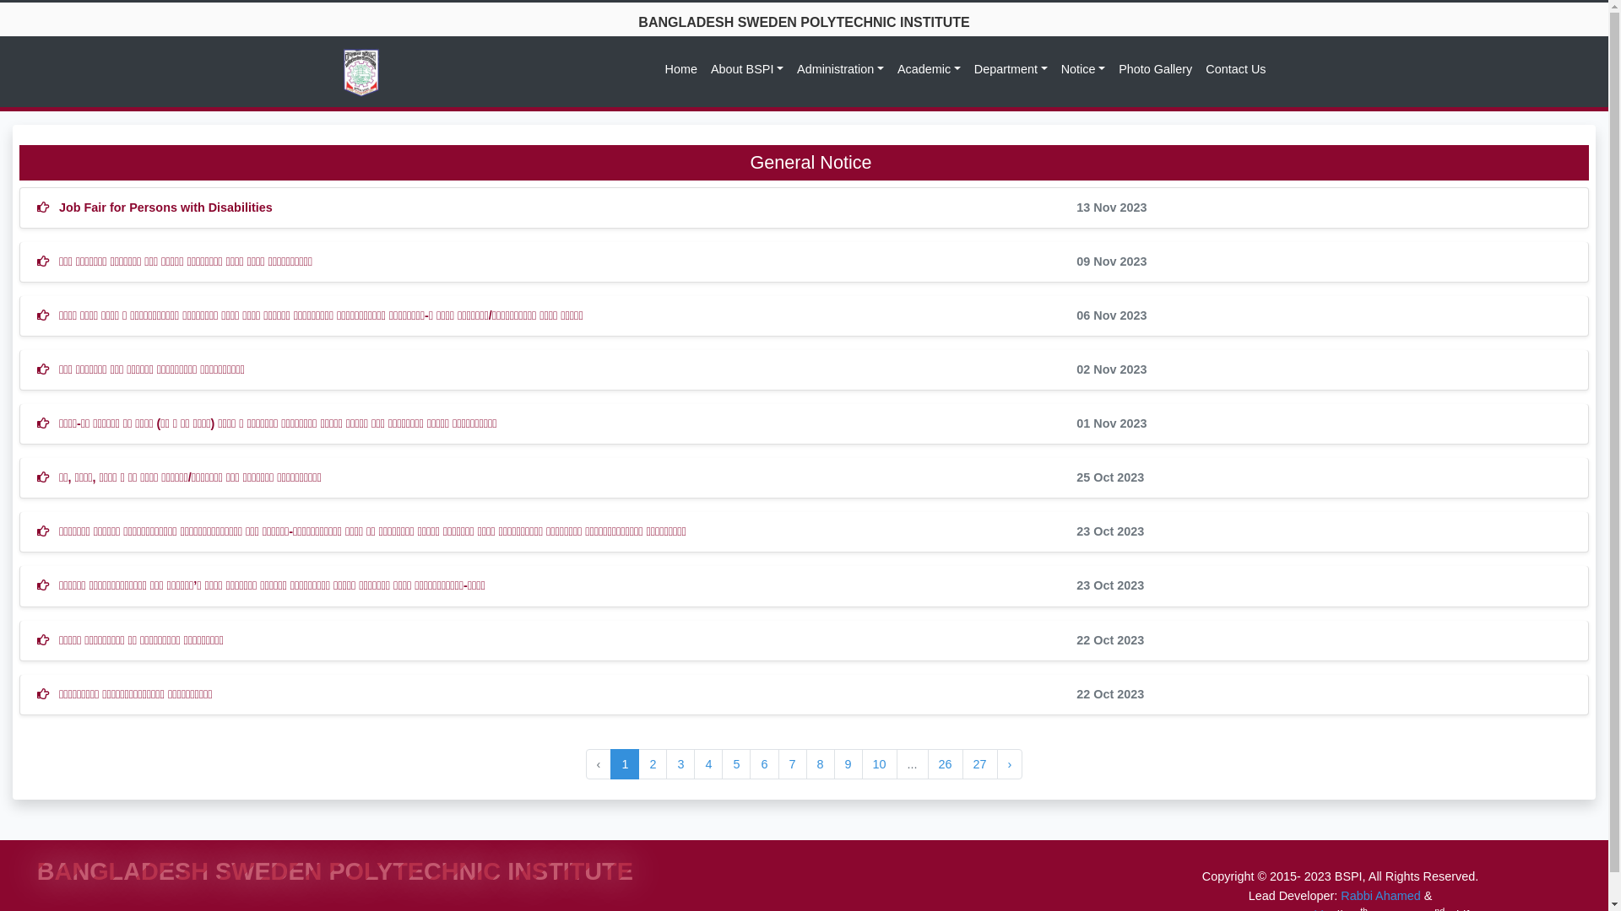 This screenshot has height=911, width=1621. I want to click on '3', so click(664, 764).